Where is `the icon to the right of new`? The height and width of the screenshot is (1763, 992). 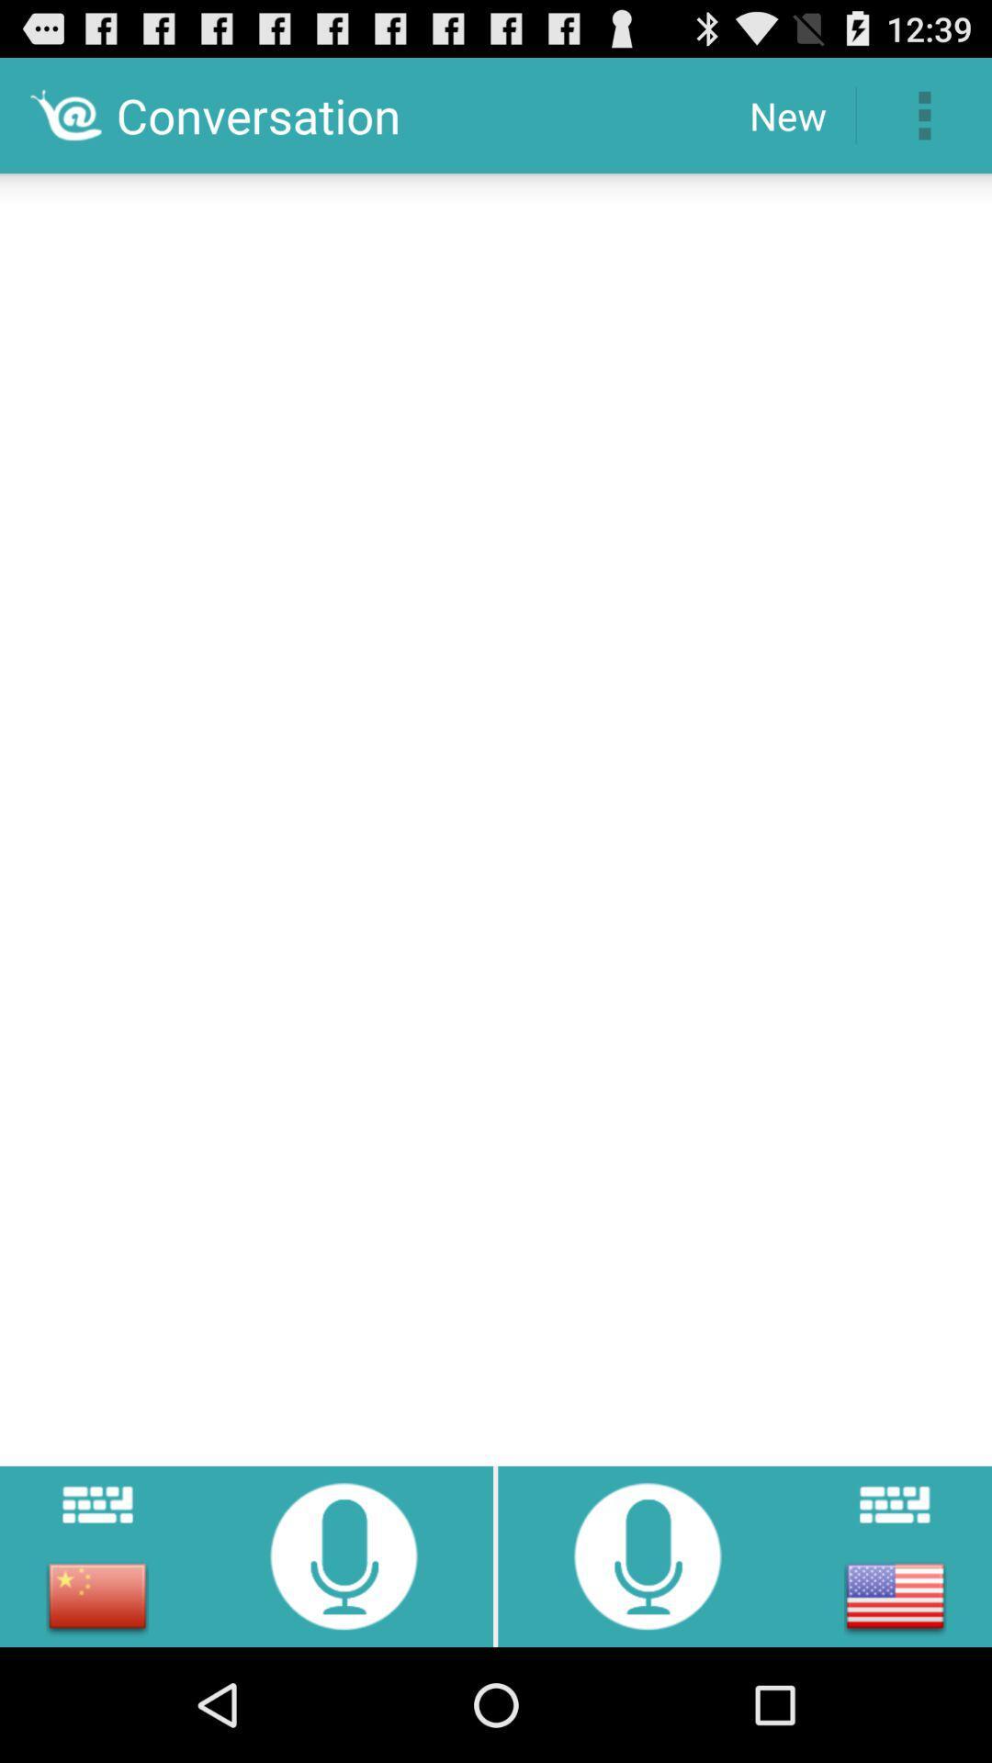 the icon to the right of new is located at coordinates (924, 114).